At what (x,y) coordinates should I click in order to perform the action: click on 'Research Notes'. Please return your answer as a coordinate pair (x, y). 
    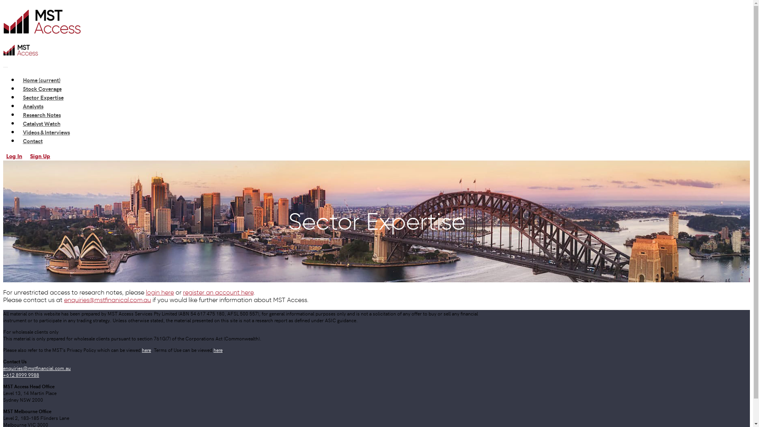
    Looking at the image, I should click on (41, 114).